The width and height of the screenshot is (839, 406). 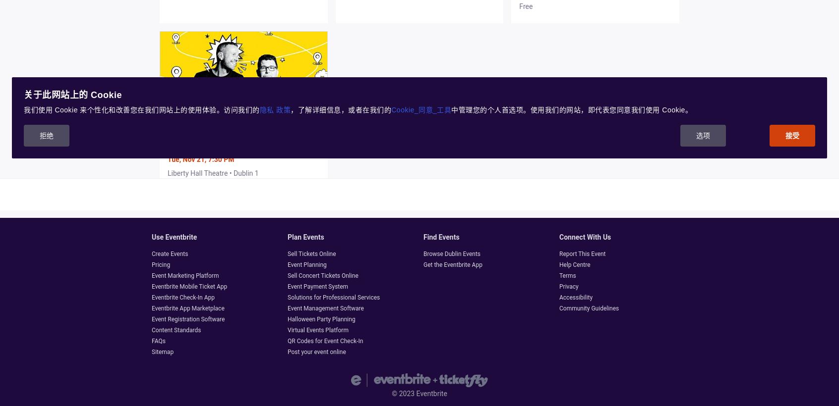 I want to click on '我们使用 Cookie 来个性化和改善您在我们网站上的使用体验。访问我们的', so click(x=141, y=109).